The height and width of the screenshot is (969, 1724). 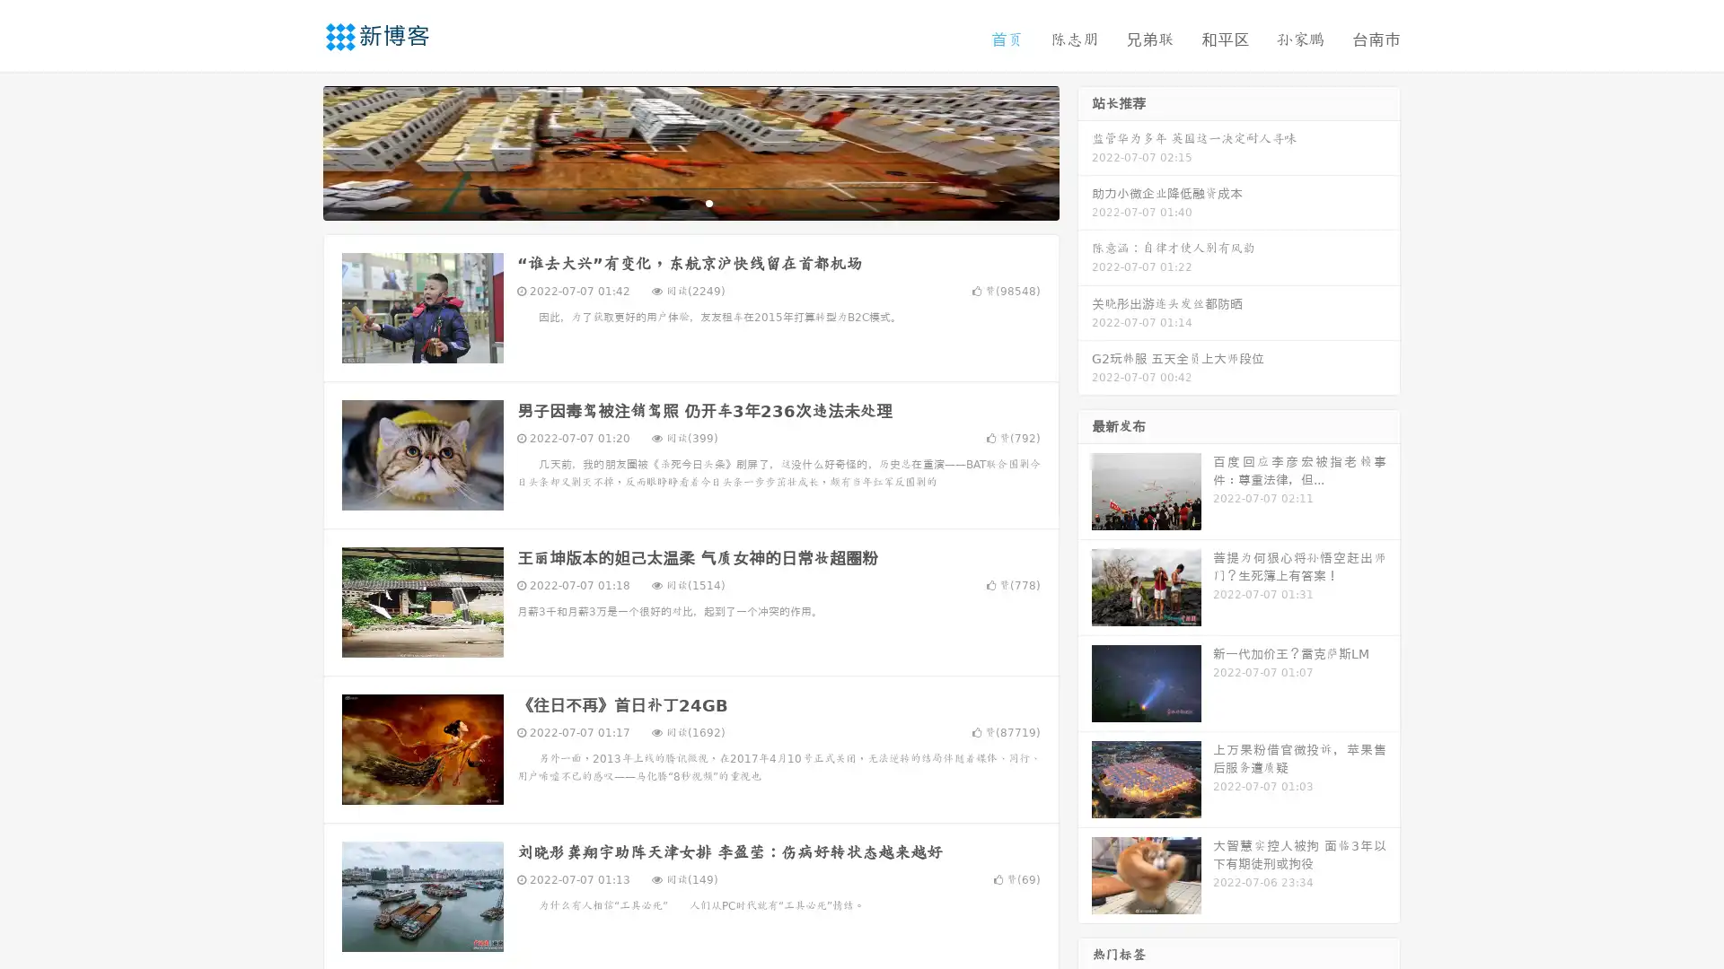 What do you see at coordinates (672, 202) in the screenshot?
I see `Go to slide 1` at bounding box center [672, 202].